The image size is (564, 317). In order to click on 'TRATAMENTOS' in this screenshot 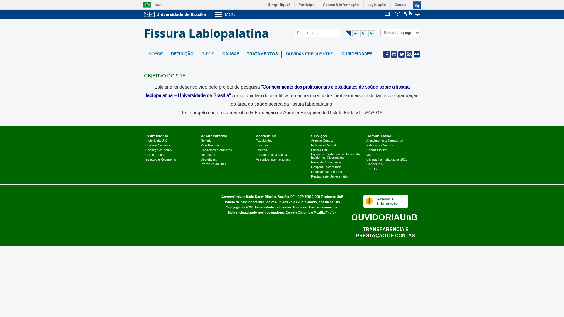, I will do `click(262, 54)`.